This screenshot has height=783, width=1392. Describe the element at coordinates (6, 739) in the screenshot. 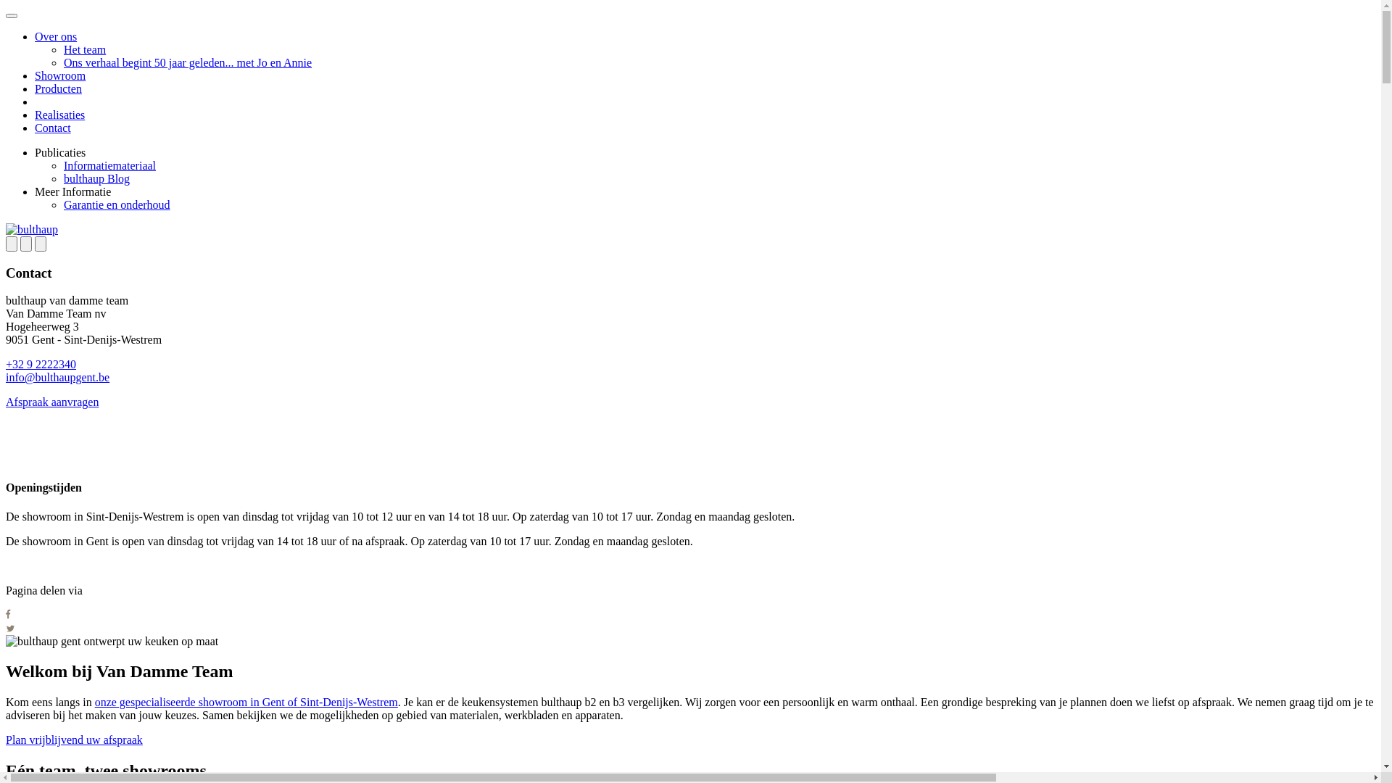

I see `'Plan vrijblijvend uw afspraak'` at that location.